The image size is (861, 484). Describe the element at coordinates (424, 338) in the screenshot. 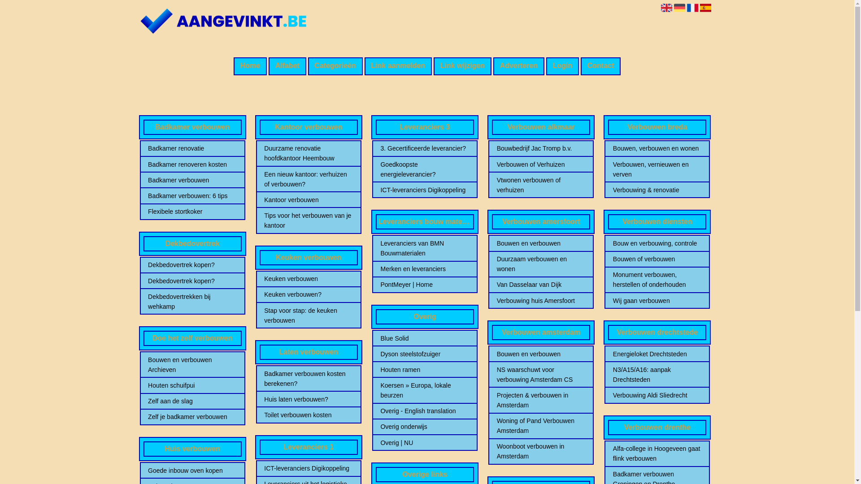

I see `'Blue Solid'` at that location.